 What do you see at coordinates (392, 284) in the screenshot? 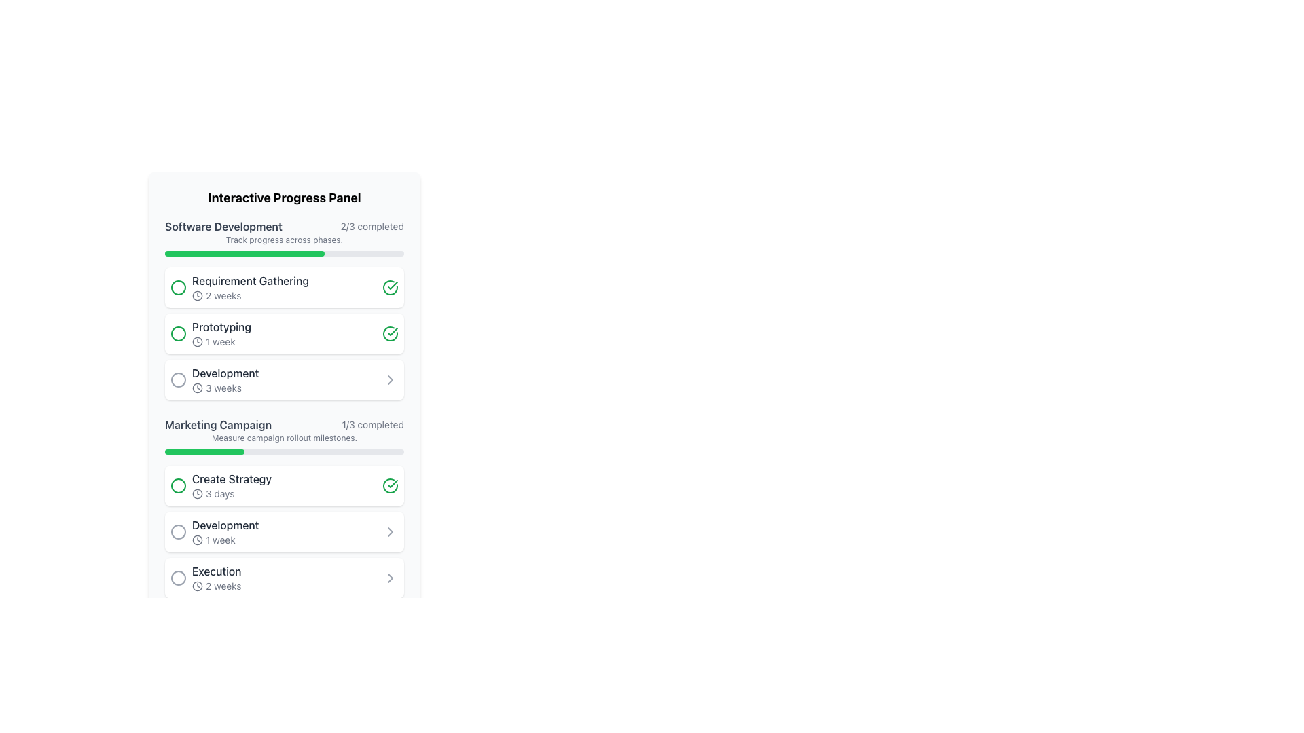
I see `the completion icon located at the far-right end of the second item in the 'Software Development' list, adjacent to the text 'Prototyping'` at bounding box center [392, 284].